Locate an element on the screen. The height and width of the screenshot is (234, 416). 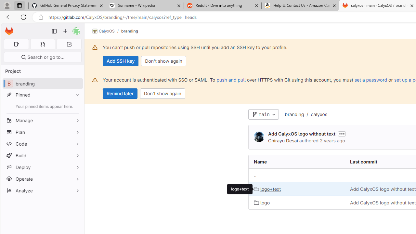
'Skip to main content' is located at coordinates (7, 28).